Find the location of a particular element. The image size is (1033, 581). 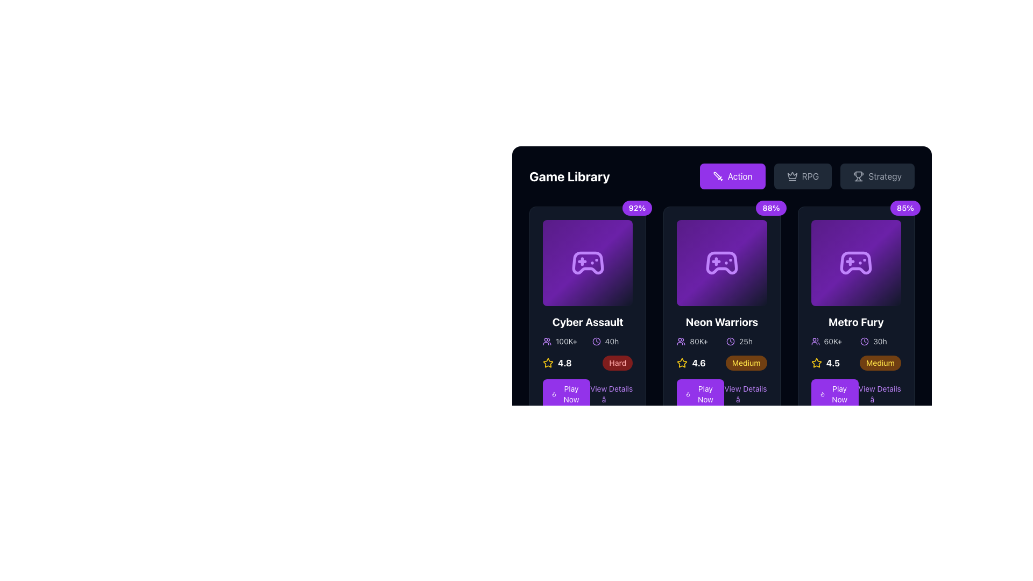

the decorative icon representing the 'Neon Warriors' game in the second card of the first row of the grid is located at coordinates (721, 263).